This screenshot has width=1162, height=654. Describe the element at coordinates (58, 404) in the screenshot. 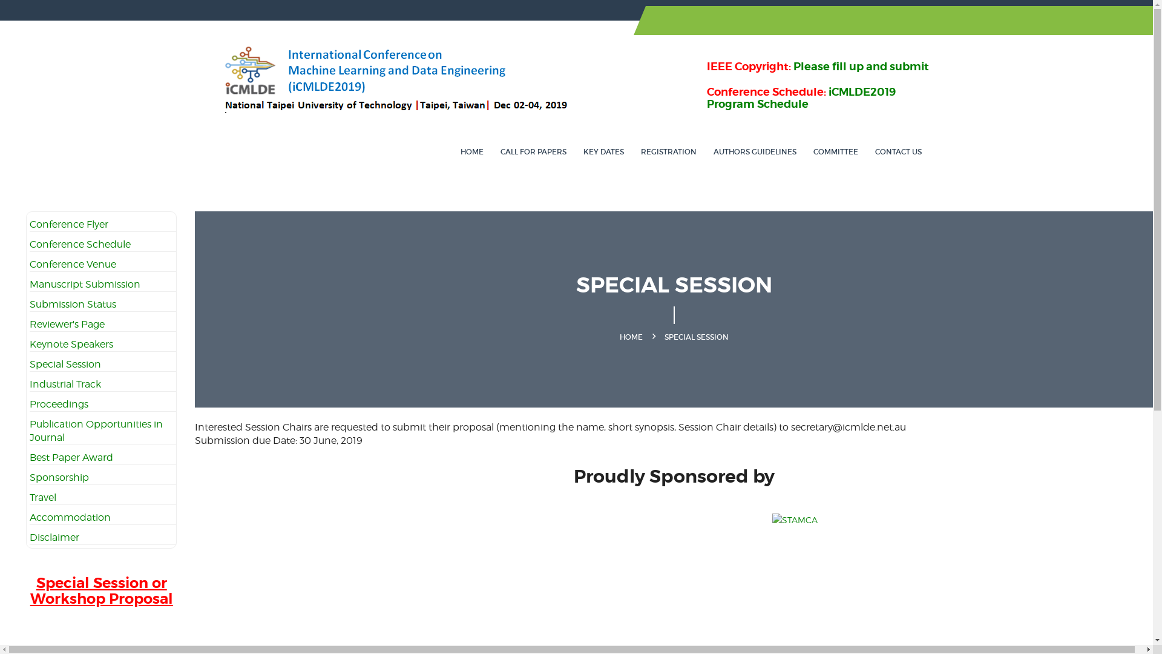

I see `'Proceedings'` at that location.